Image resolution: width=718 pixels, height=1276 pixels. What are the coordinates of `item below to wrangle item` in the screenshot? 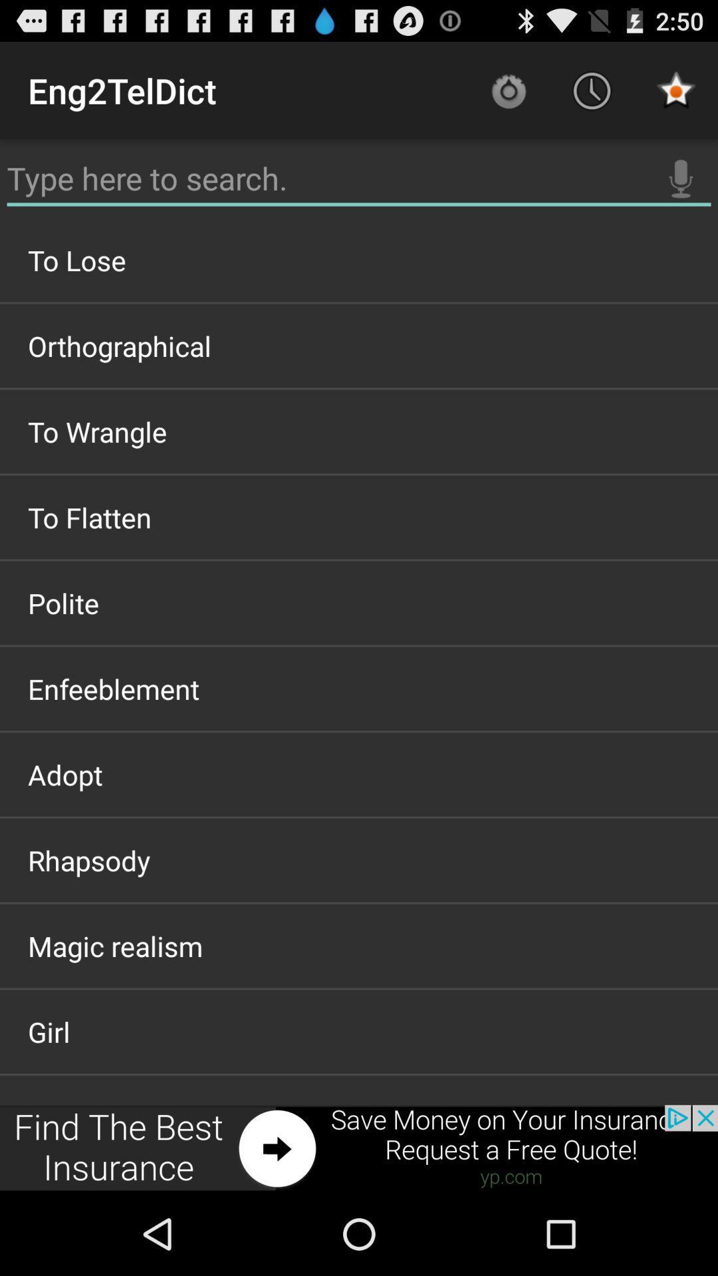 It's located at (359, 516).